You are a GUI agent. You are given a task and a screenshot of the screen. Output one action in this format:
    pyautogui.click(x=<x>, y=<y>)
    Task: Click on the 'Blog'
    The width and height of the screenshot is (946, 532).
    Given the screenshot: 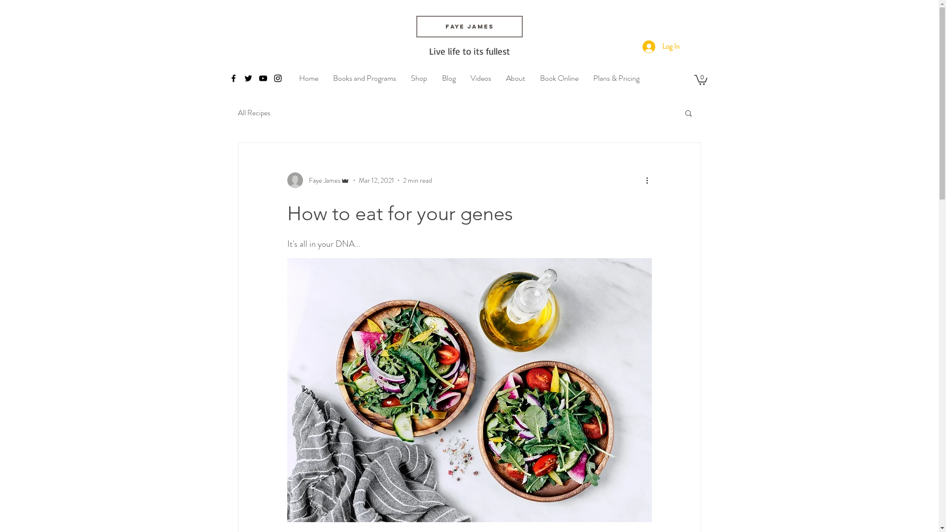 What is the action you would take?
    pyautogui.click(x=448, y=77)
    